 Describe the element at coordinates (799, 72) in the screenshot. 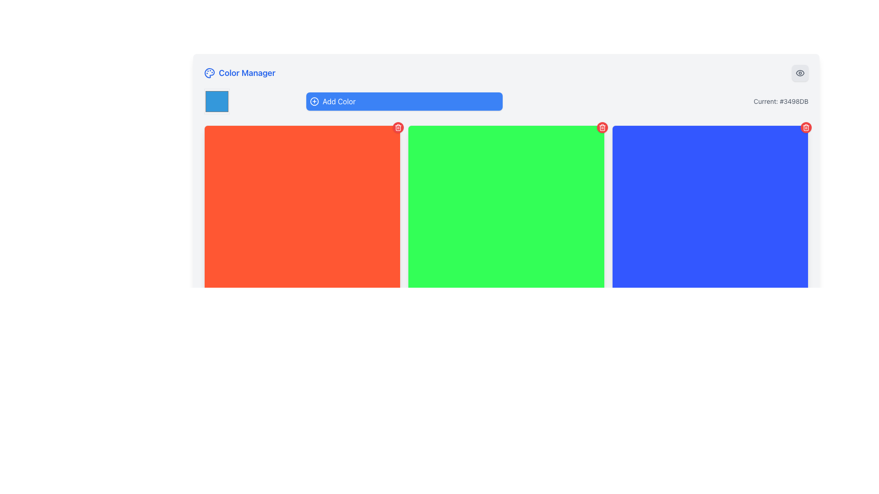

I see `the visibility SVG icon located in the top-right corner of the application header, which is styled with rounded corners and a light gray background` at that location.